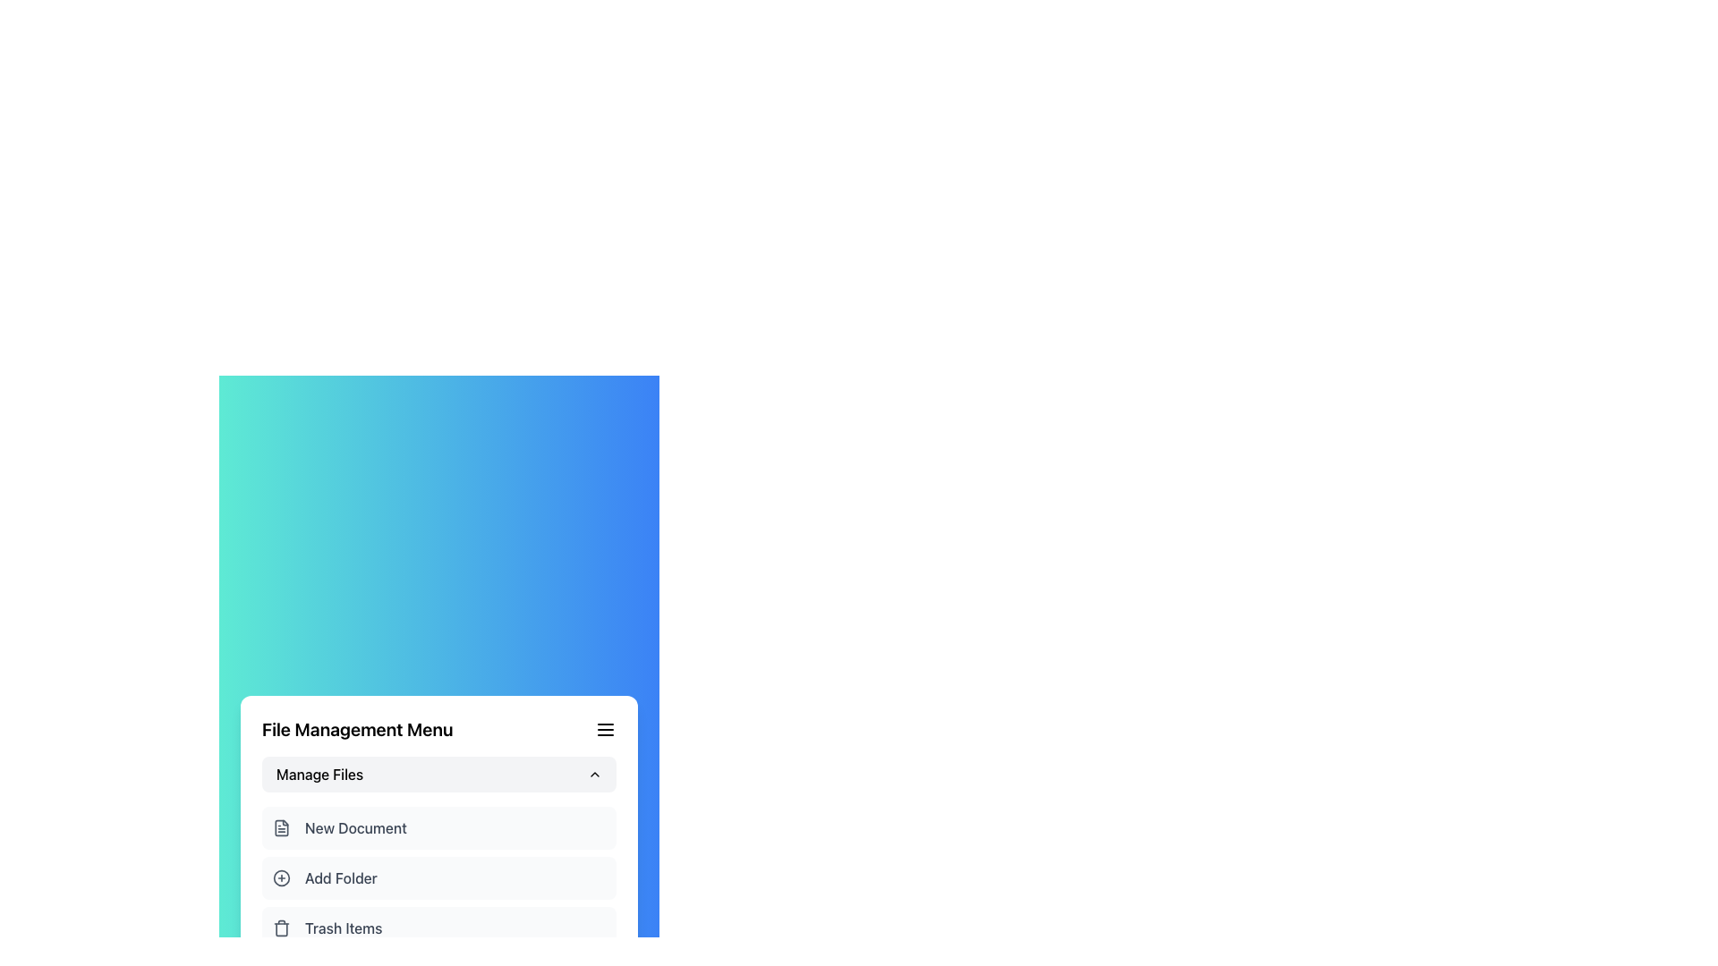 The width and height of the screenshot is (1718, 966). What do you see at coordinates (438, 774) in the screenshot?
I see `the 'Manage Files' button located in the 'File Management Menu'` at bounding box center [438, 774].